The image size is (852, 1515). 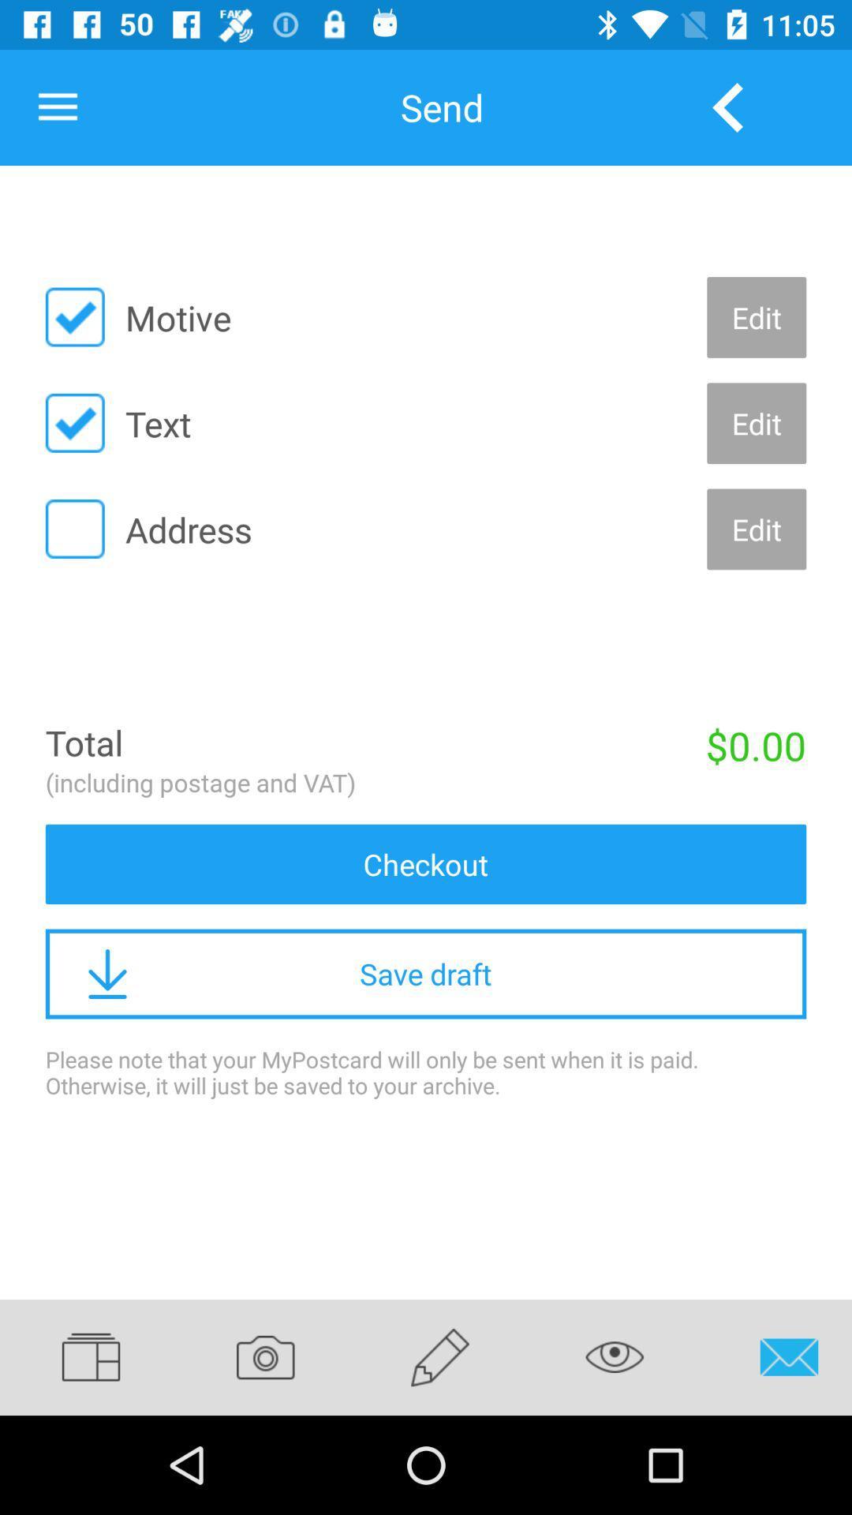 What do you see at coordinates (727, 107) in the screenshot?
I see `the icon above edit` at bounding box center [727, 107].